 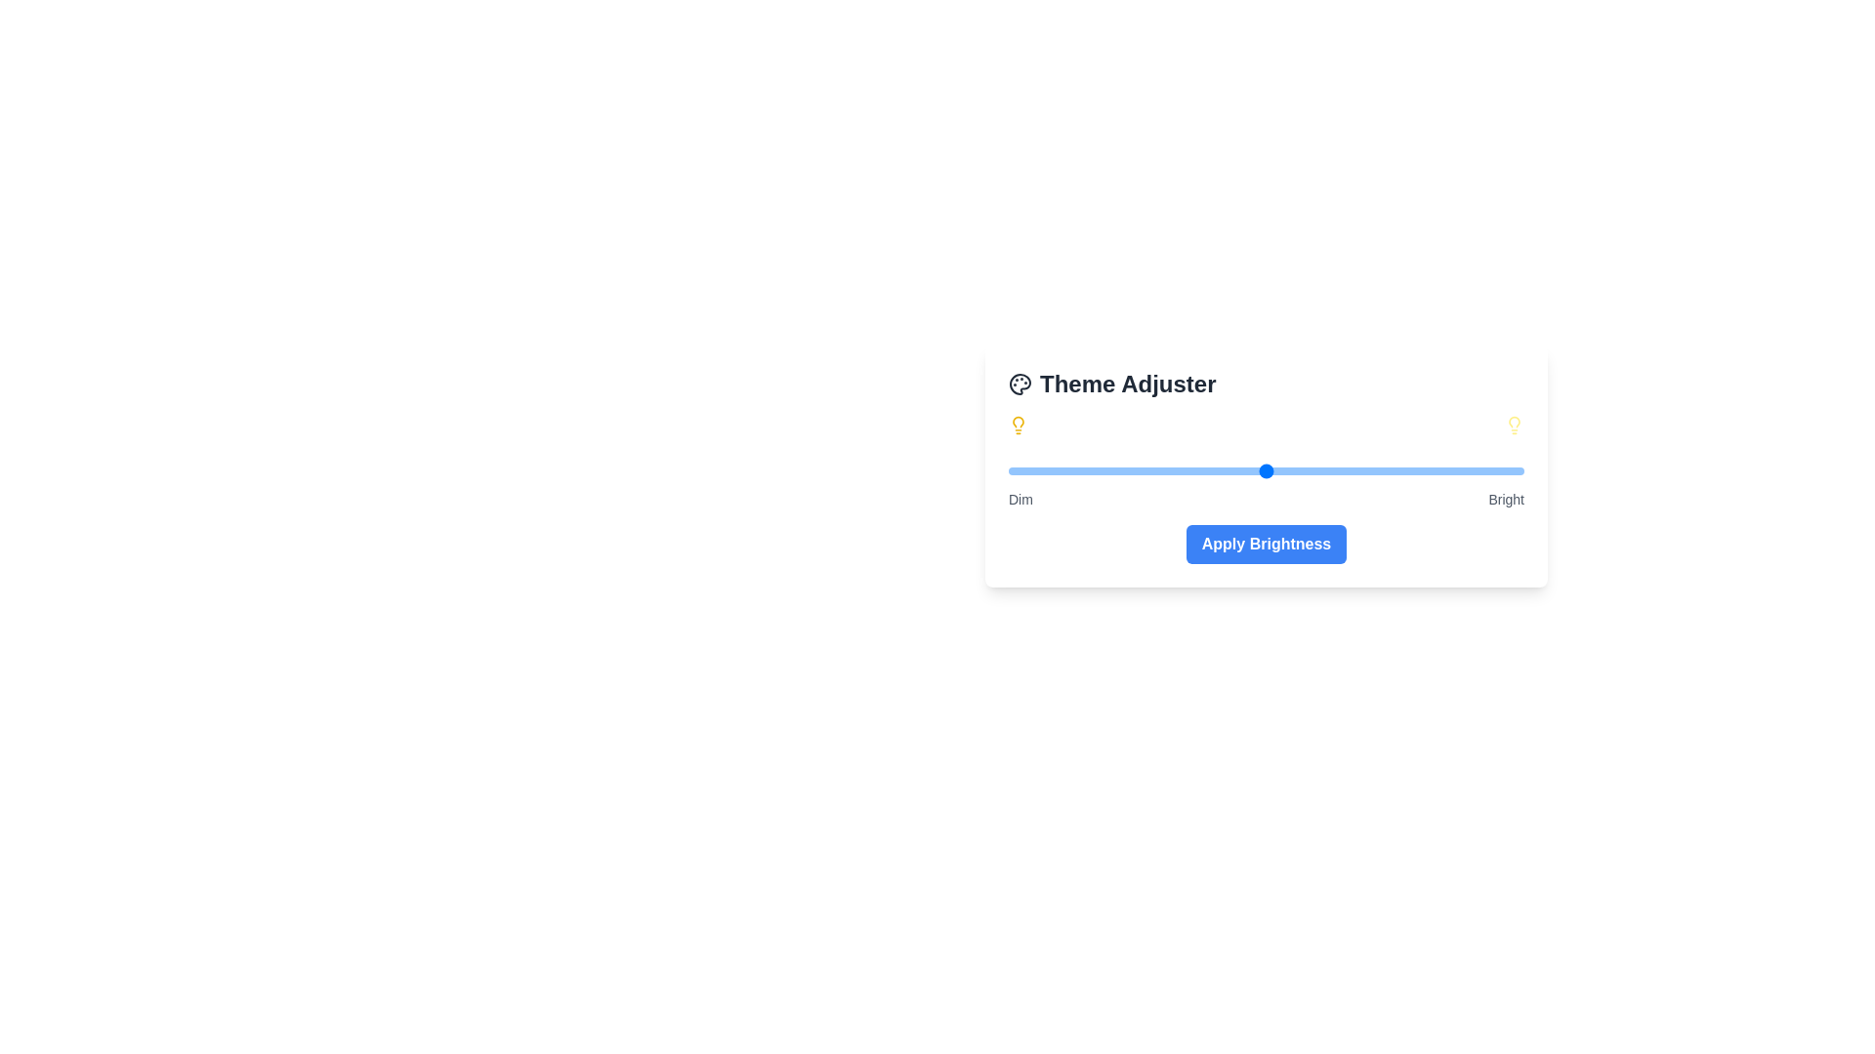 What do you see at coordinates (1266, 545) in the screenshot?
I see `'Apply Brightness' button to confirm the selected brightness` at bounding box center [1266, 545].